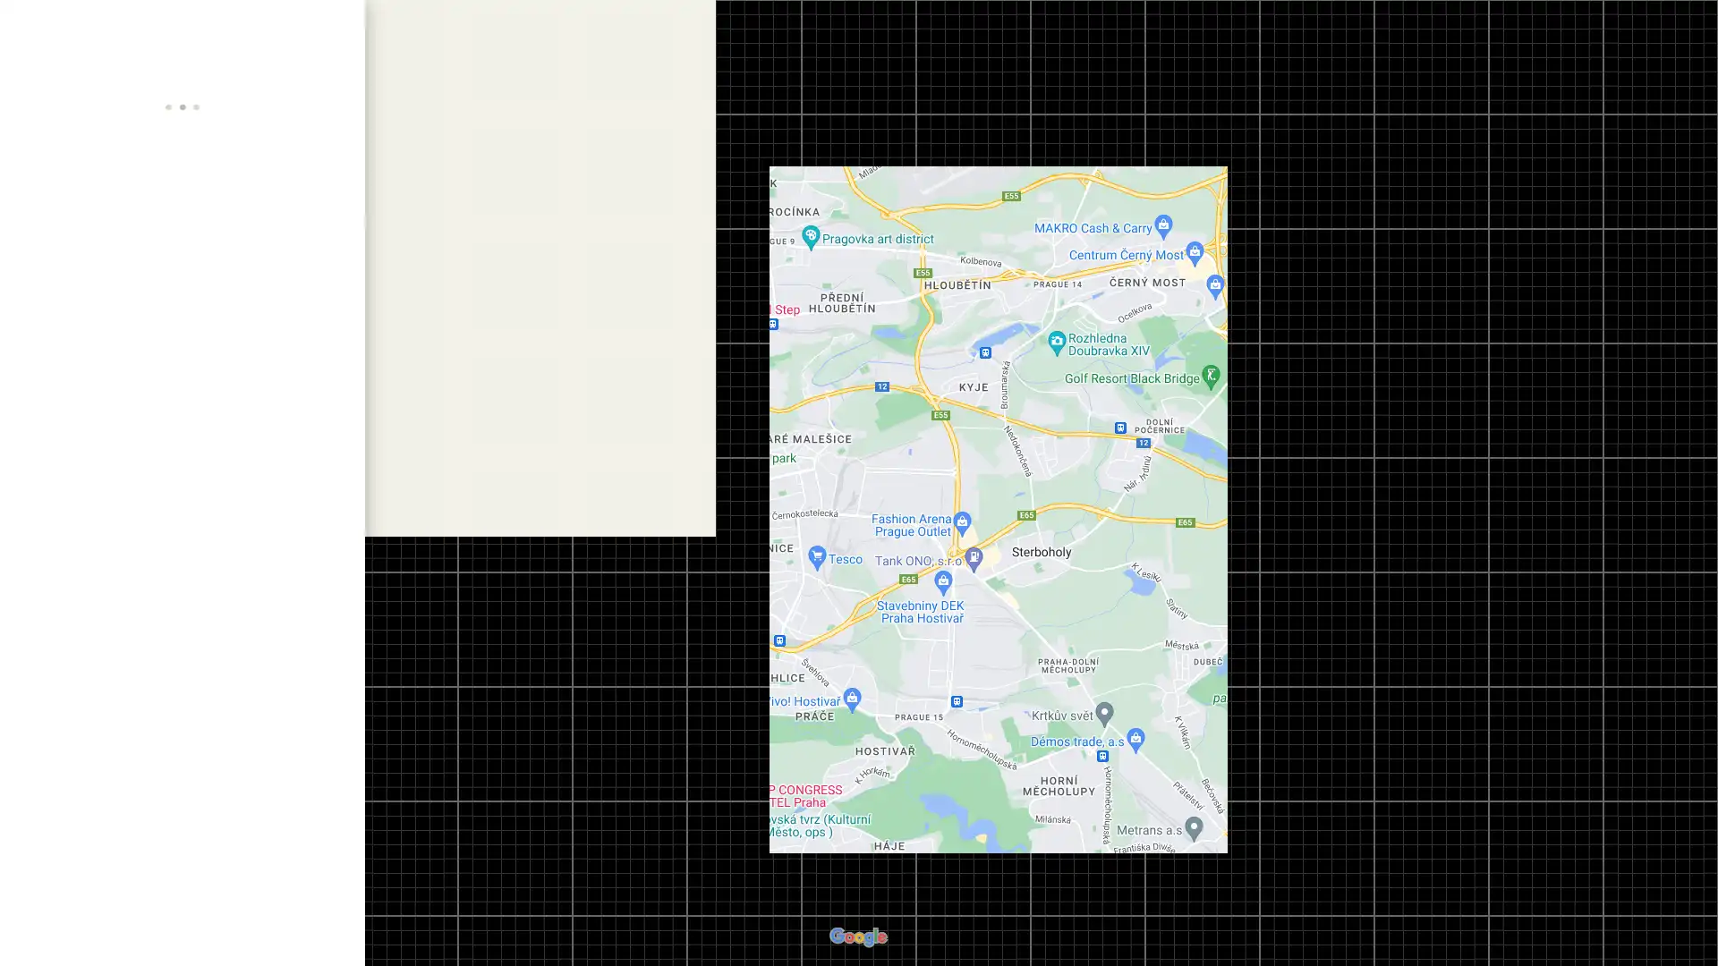 This screenshot has height=966, width=1718. Describe the element at coordinates (335, 555) in the screenshot. I see `Learn more about plus codes` at that location.